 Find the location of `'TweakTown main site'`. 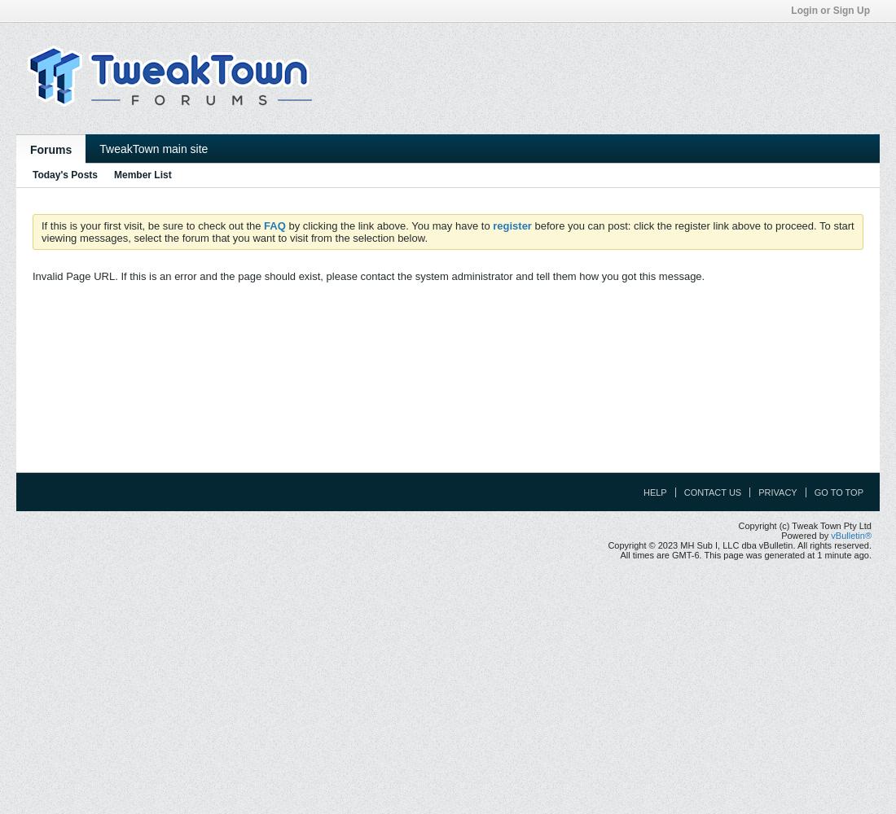

'TweakTown main site' is located at coordinates (152, 149).